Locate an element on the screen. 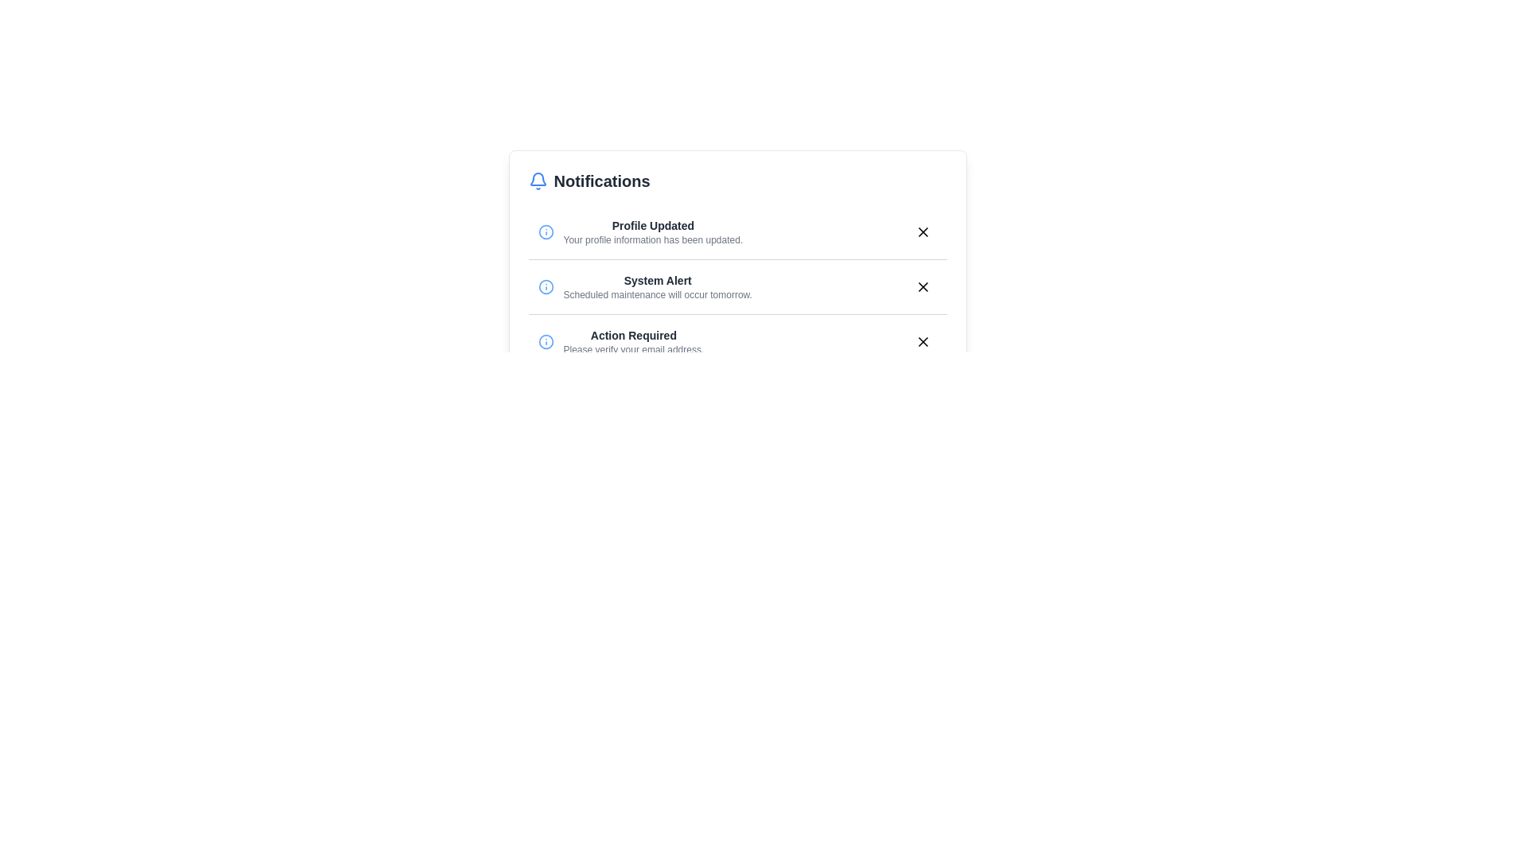 The width and height of the screenshot is (1527, 859). the Text Label that provides additional information about a system notification, located directly below the 'System Alert' title in the notification card is located at coordinates (658, 294).